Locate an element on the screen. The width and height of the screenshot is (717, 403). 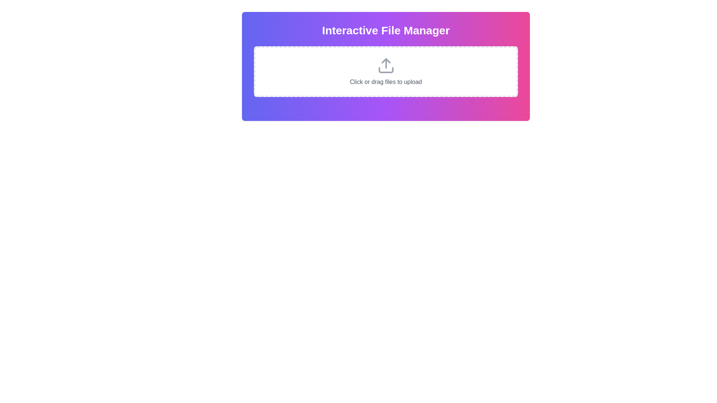
the Text Label that serves as the title or heading for the interface, indicating the purpose or branding of the component above the upload prompt is located at coordinates (386, 30).